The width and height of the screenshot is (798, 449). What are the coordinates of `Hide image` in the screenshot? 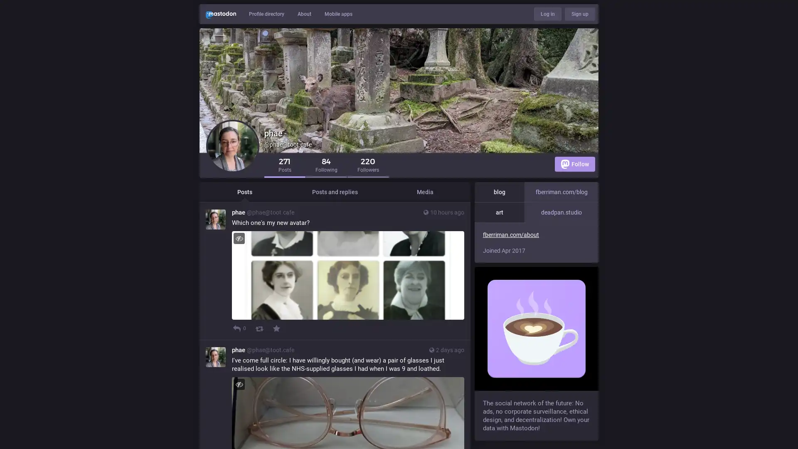 It's located at (239, 426).